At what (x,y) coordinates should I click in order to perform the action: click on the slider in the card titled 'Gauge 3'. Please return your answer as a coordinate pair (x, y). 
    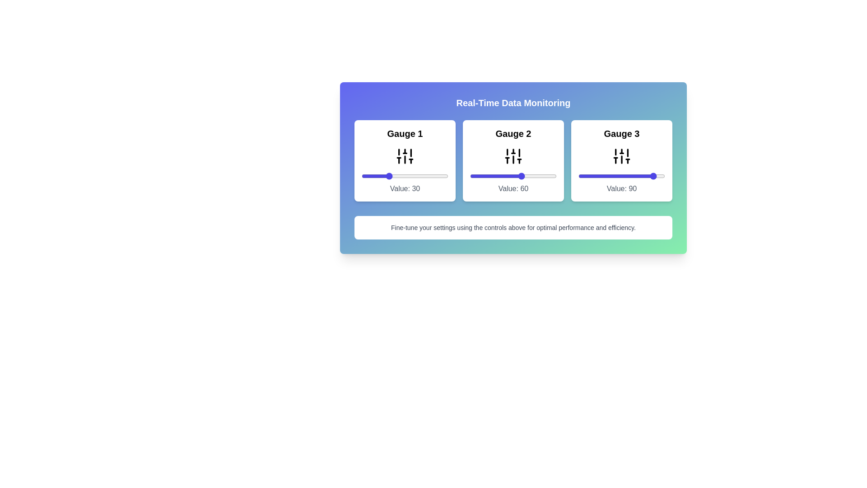
    Looking at the image, I should click on (621, 160).